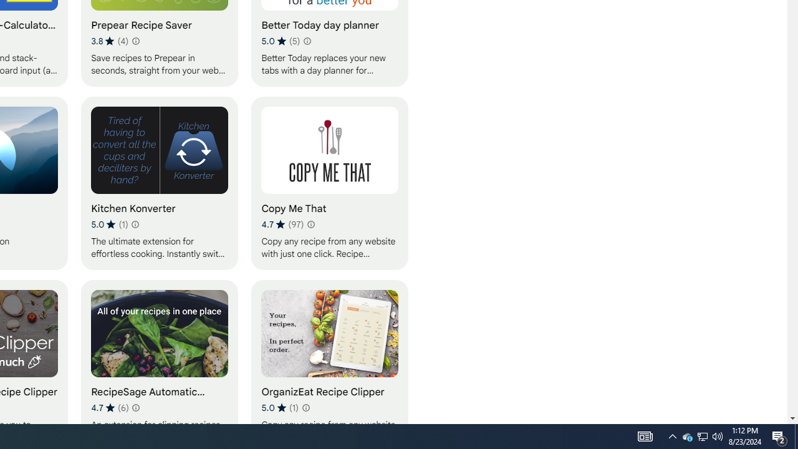 This screenshot has width=798, height=449. I want to click on 'Average rating 5 out of 5 stars. 5 ratings.', so click(280, 41).